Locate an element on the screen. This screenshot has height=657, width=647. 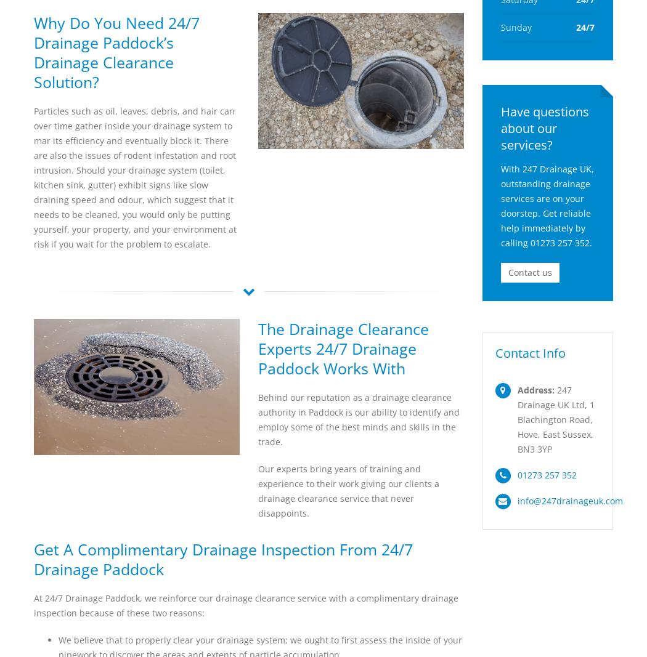
'Get a Complimentary Drainage Inspection from 24/7 Drainage Paddock' is located at coordinates (222, 559).